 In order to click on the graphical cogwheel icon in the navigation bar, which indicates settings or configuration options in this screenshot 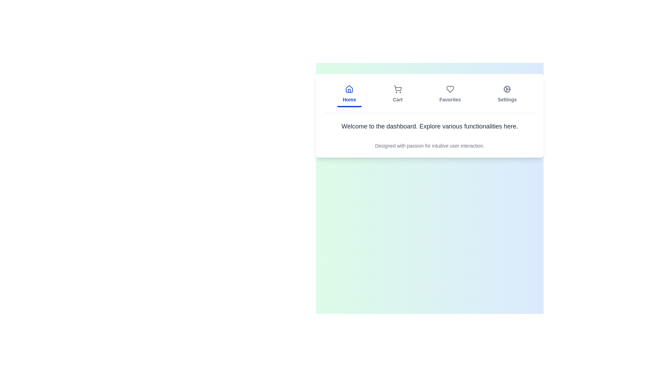, I will do `click(507, 89)`.